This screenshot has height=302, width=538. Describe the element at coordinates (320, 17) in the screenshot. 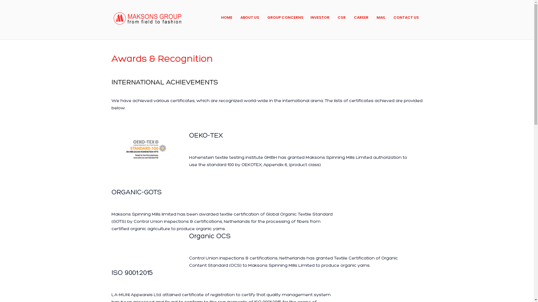

I see `'INVESTOR'` at that location.